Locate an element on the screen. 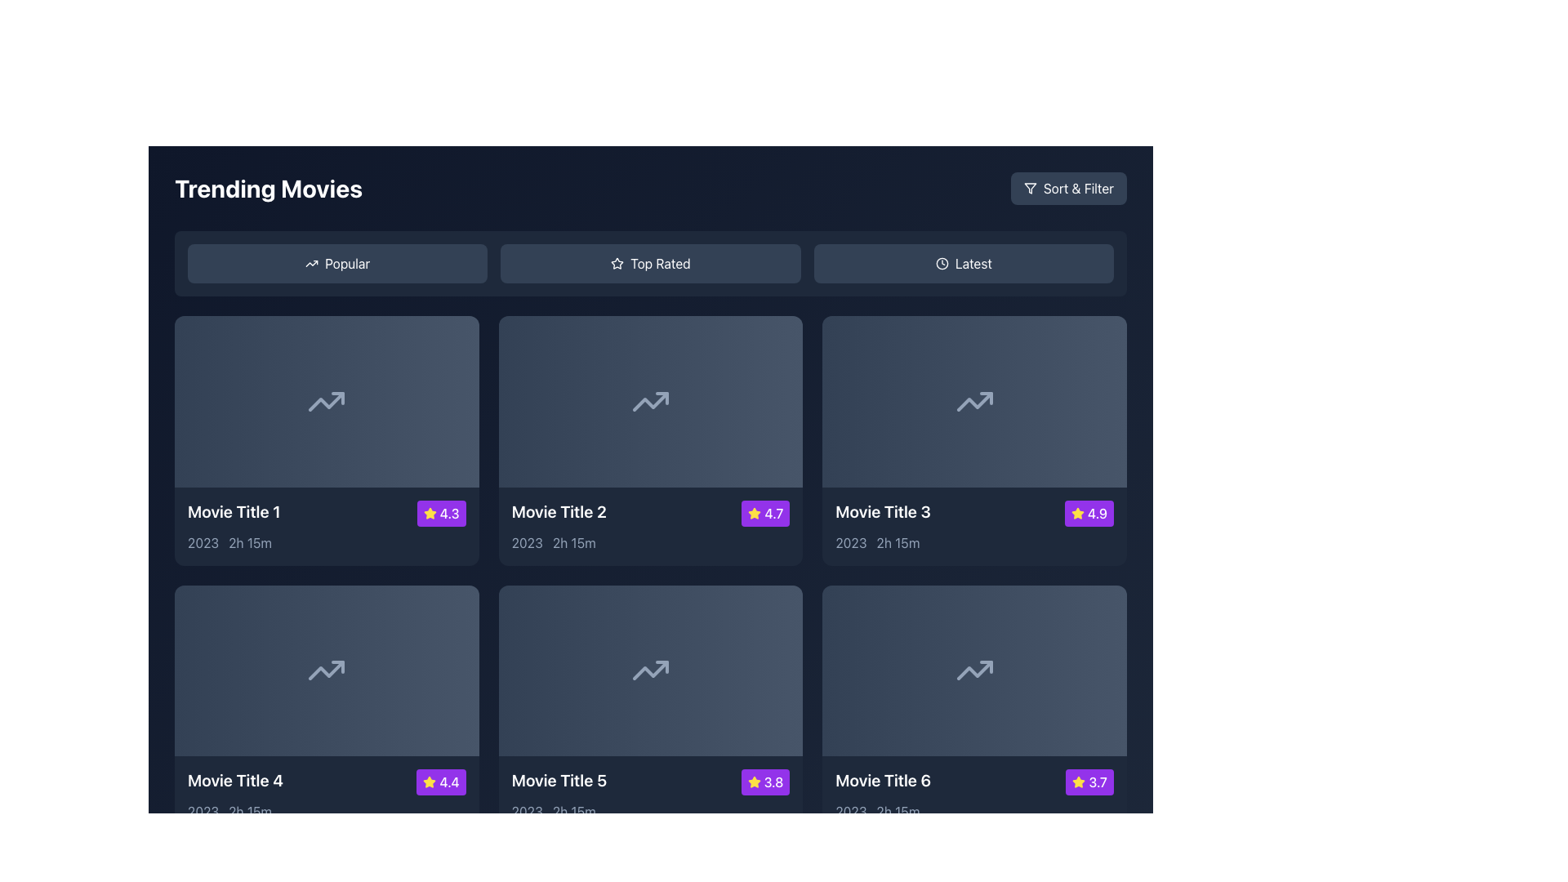  the text label displaying the rating value ('4.3') for 'Movie Title 1', located in the bottom-right corner of the card with a purple background next to a yellow star icon is located at coordinates (449, 512).